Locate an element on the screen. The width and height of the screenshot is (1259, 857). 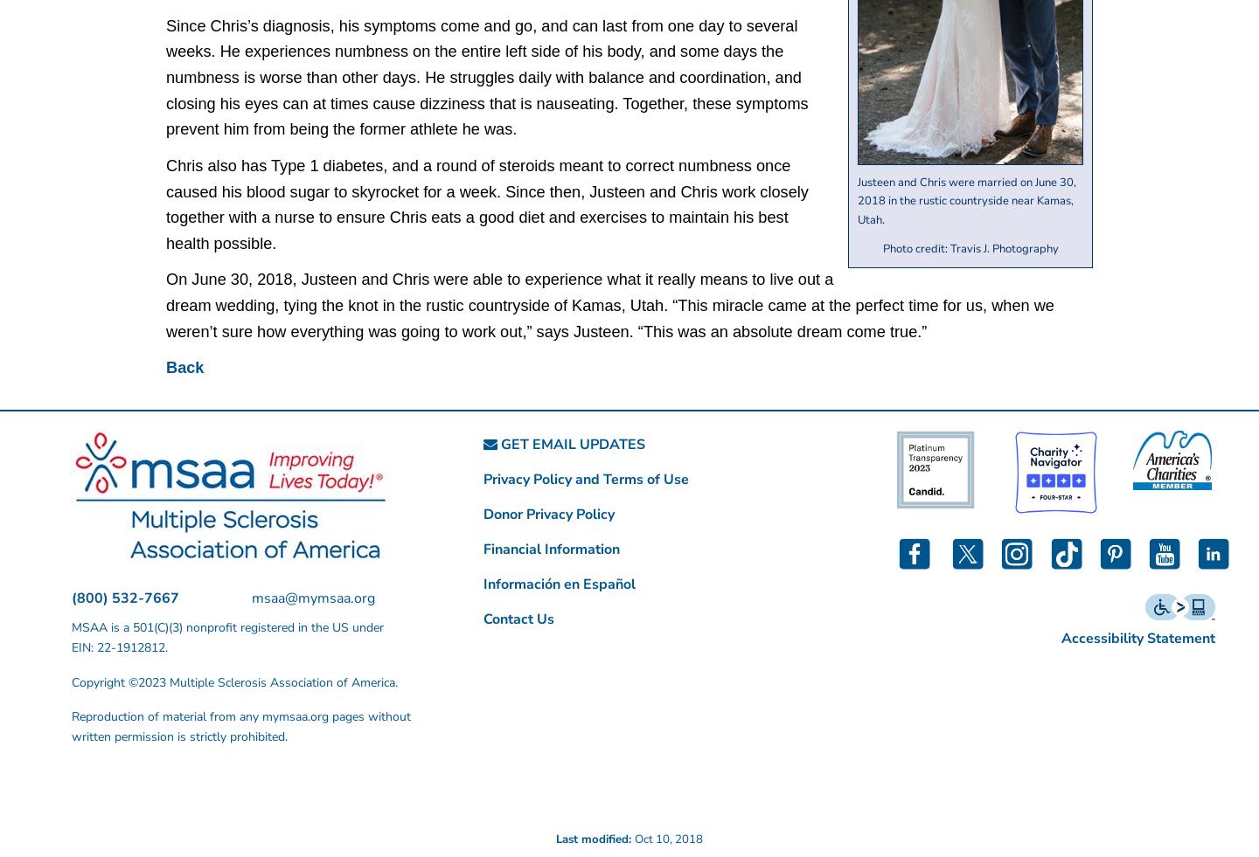
'Privacy Policy and Terms of Use' is located at coordinates (586, 479).